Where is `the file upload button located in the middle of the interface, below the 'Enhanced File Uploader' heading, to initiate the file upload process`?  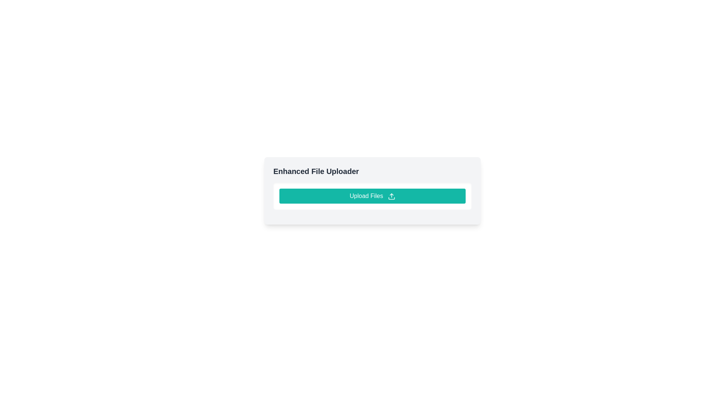
the file upload button located in the middle of the interface, below the 'Enhanced File Uploader' heading, to initiate the file upload process is located at coordinates (373, 196).